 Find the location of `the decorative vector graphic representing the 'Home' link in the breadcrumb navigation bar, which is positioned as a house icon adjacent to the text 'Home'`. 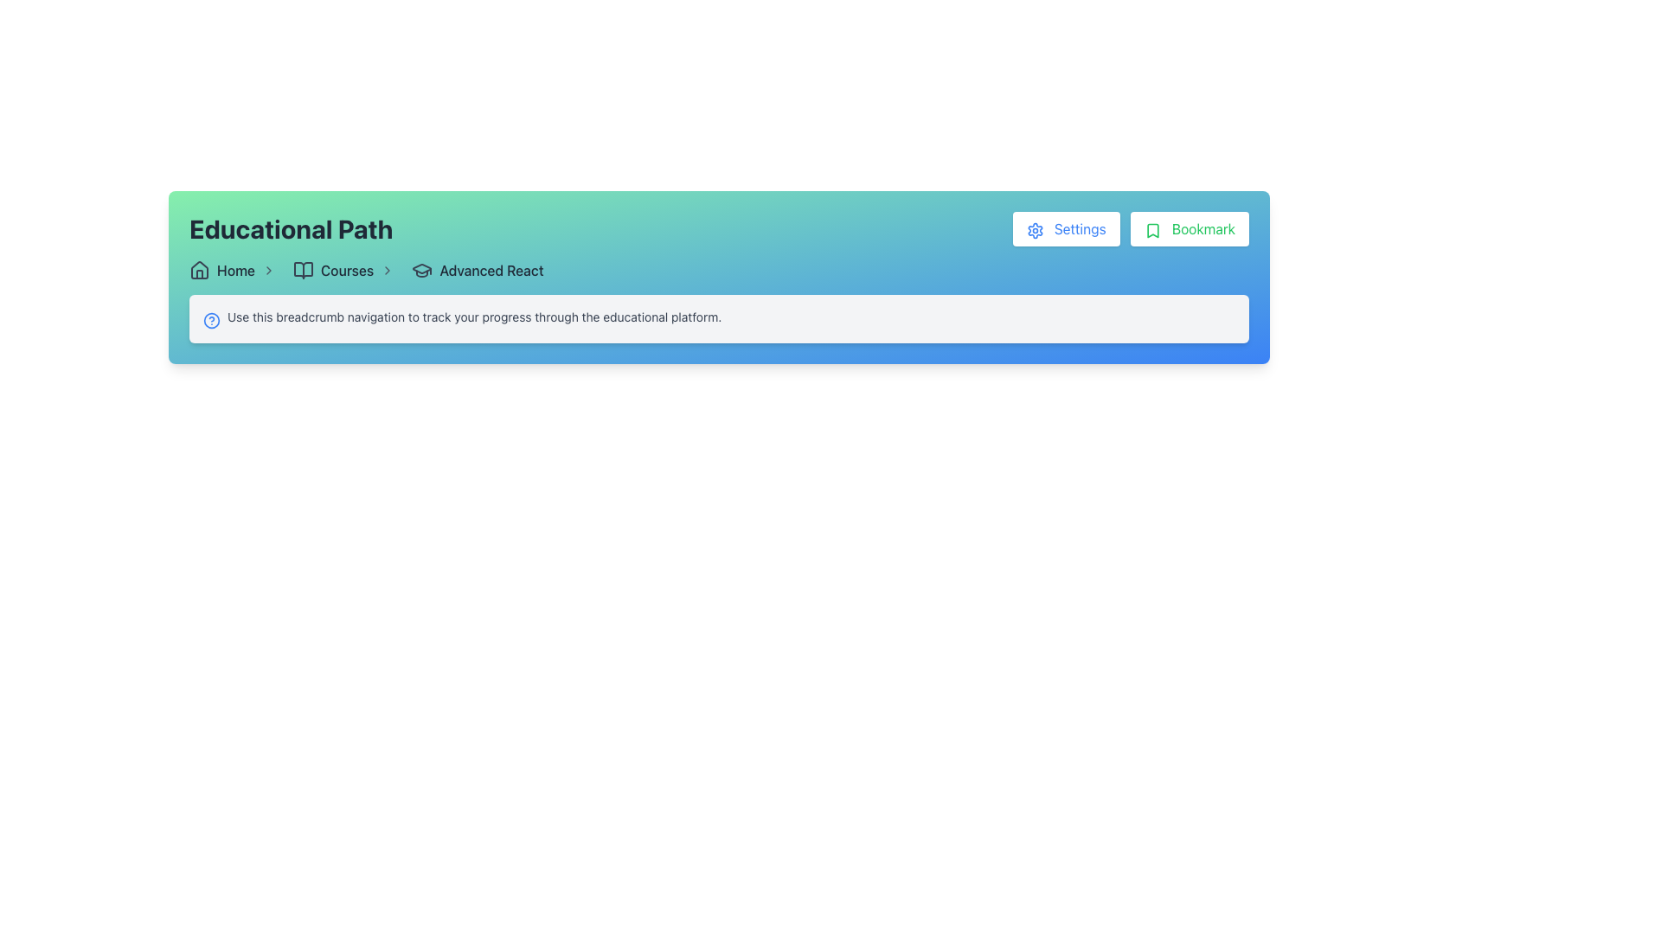

the decorative vector graphic representing the 'Home' link in the breadcrumb navigation bar, which is positioned as a house icon adjacent to the text 'Home' is located at coordinates (199, 273).